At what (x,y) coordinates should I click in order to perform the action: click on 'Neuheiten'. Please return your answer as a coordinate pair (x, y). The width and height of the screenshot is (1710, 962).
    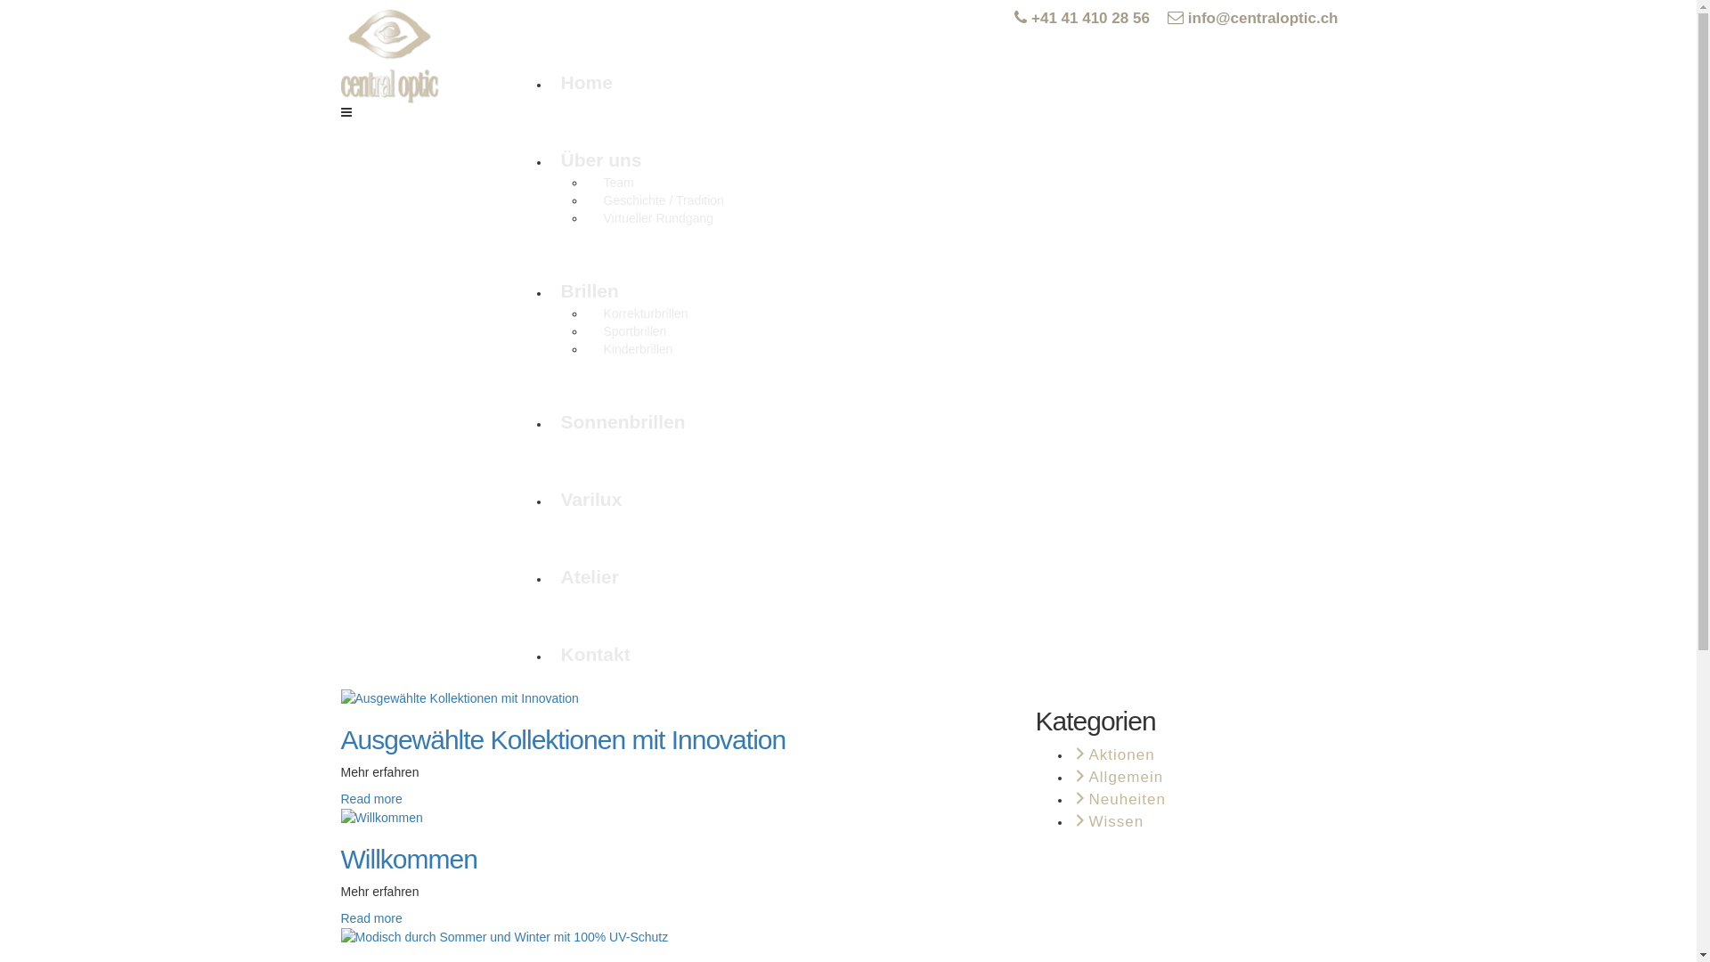
    Looking at the image, I should click on (1117, 798).